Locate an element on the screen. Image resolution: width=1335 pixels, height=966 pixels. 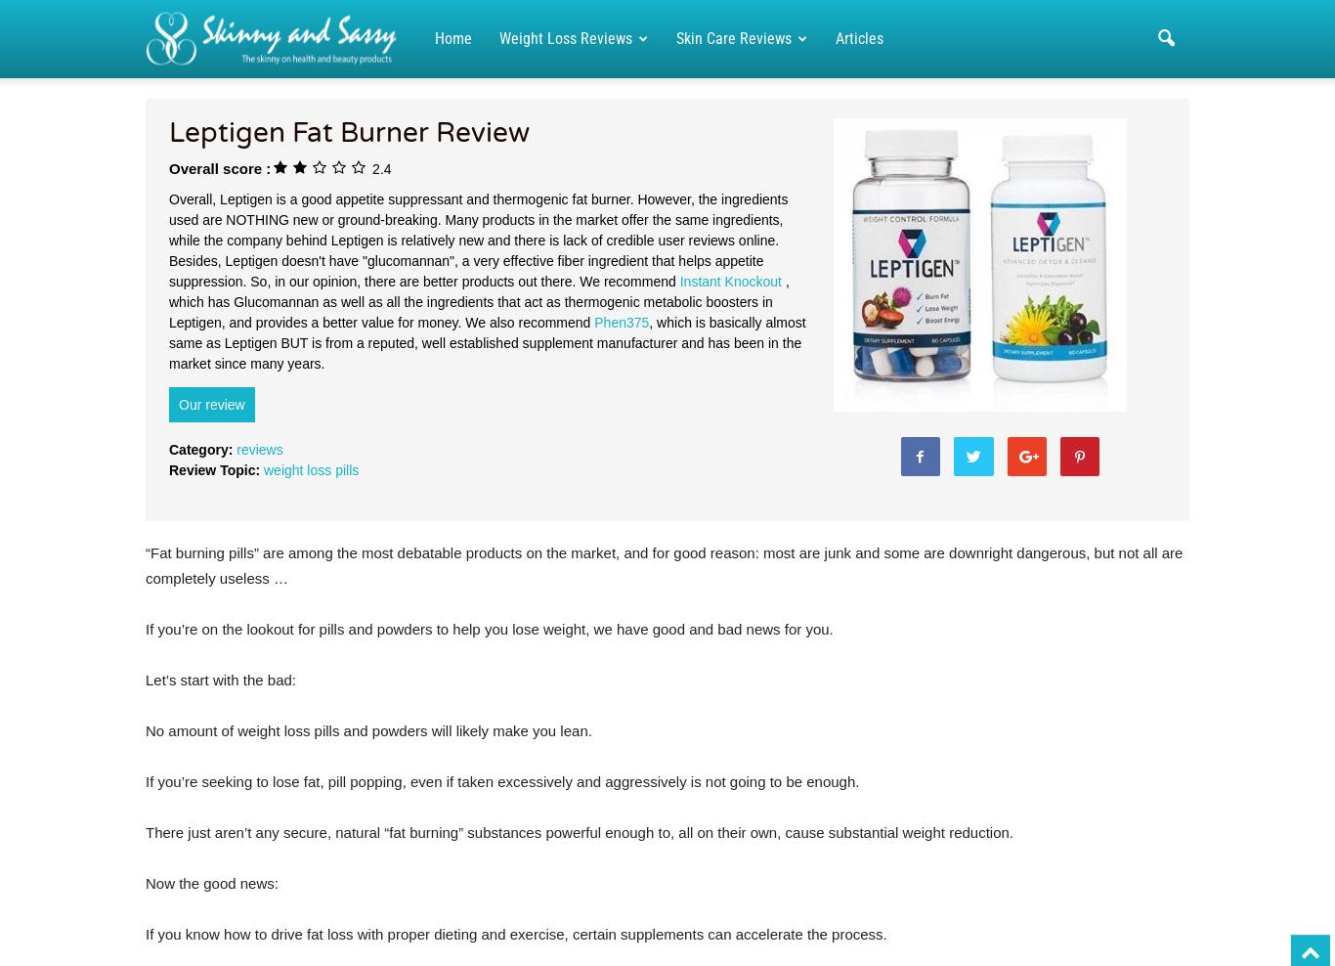
'weight loss pills' is located at coordinates (311, 469).